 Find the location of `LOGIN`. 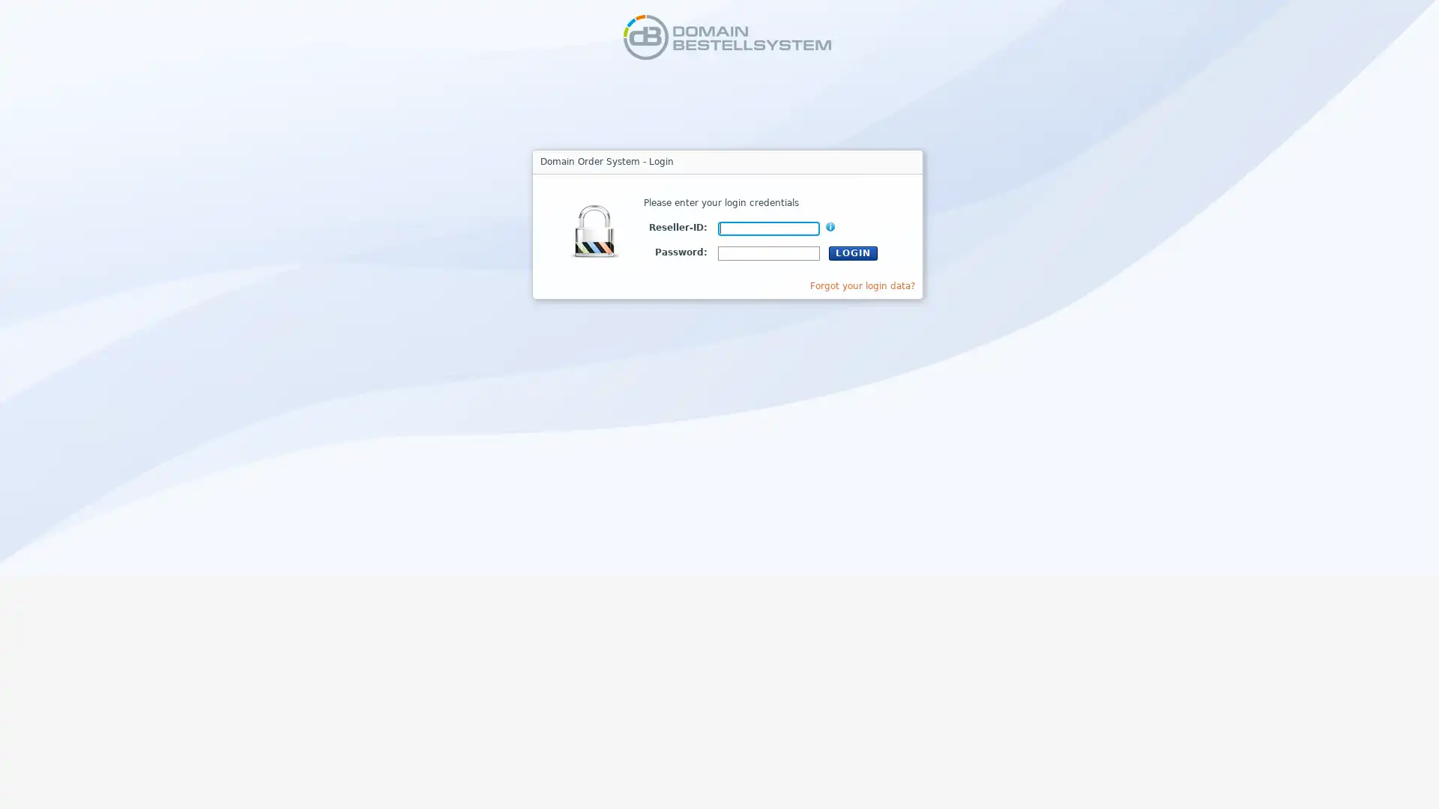

LOGIN is located at coordinates (853, 252).